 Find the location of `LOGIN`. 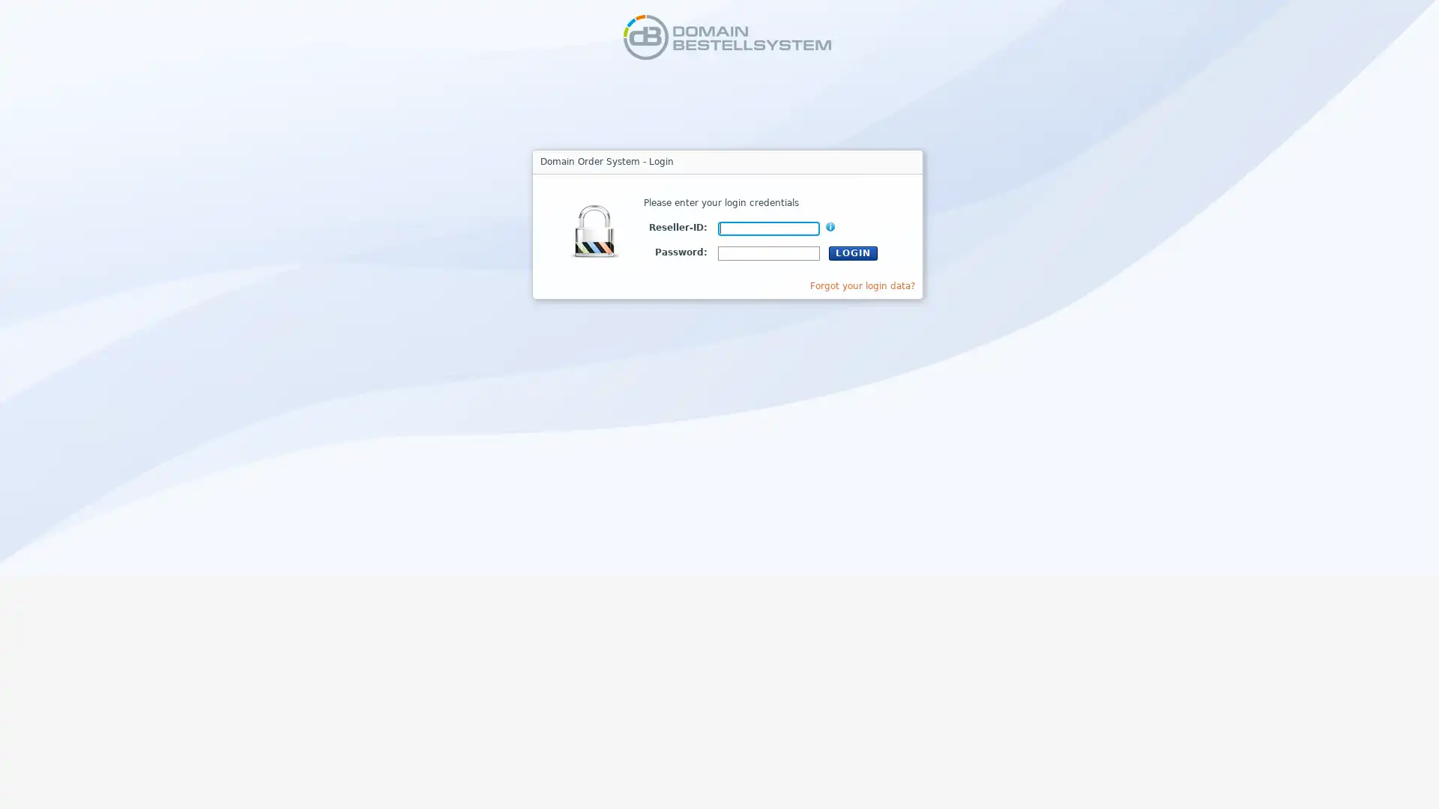

LOGIN is located at coordinates (853, 252).